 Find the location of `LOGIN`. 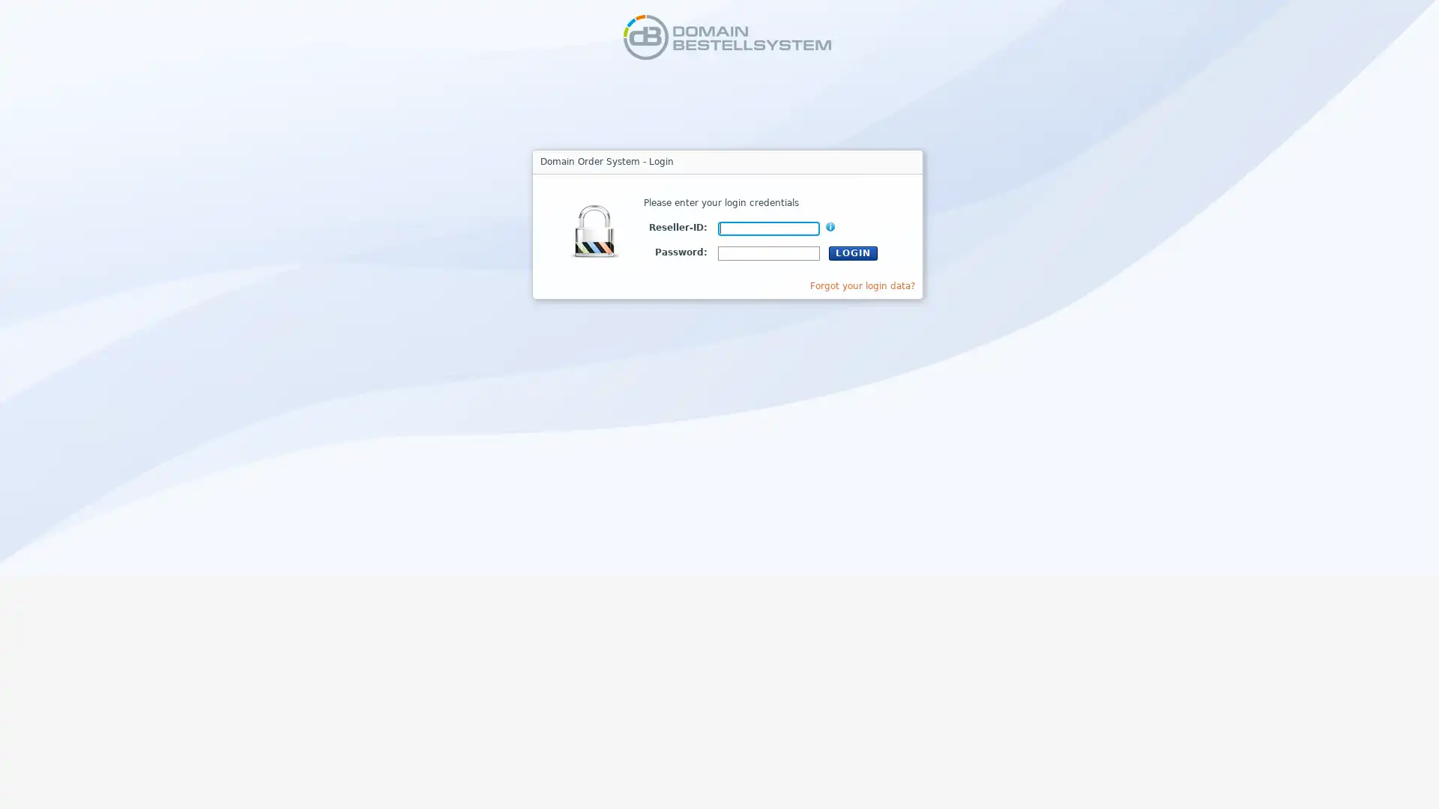

LOGIN is located at coordinates (853, 252).